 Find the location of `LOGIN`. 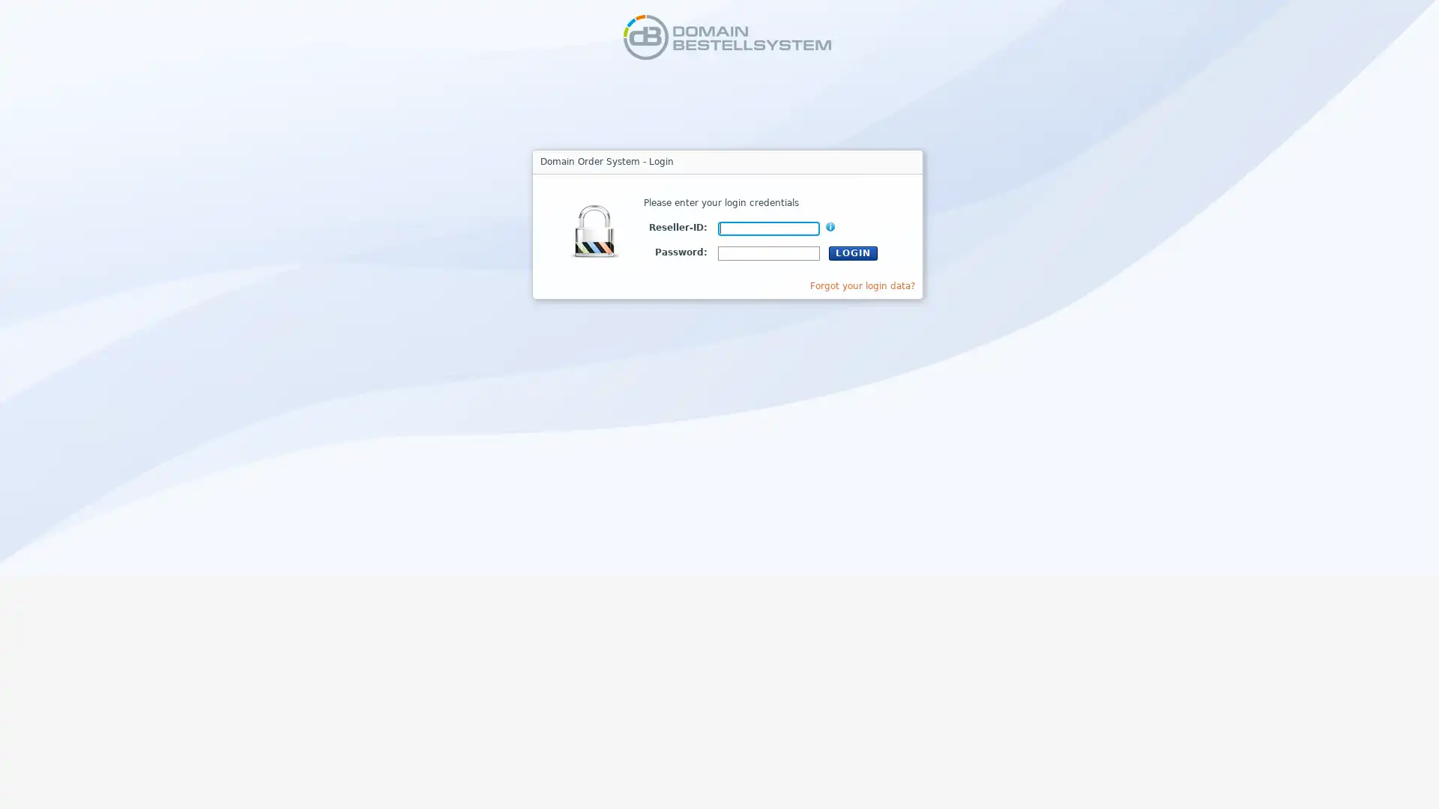

LOGIN is located at coordinates (853, 252).